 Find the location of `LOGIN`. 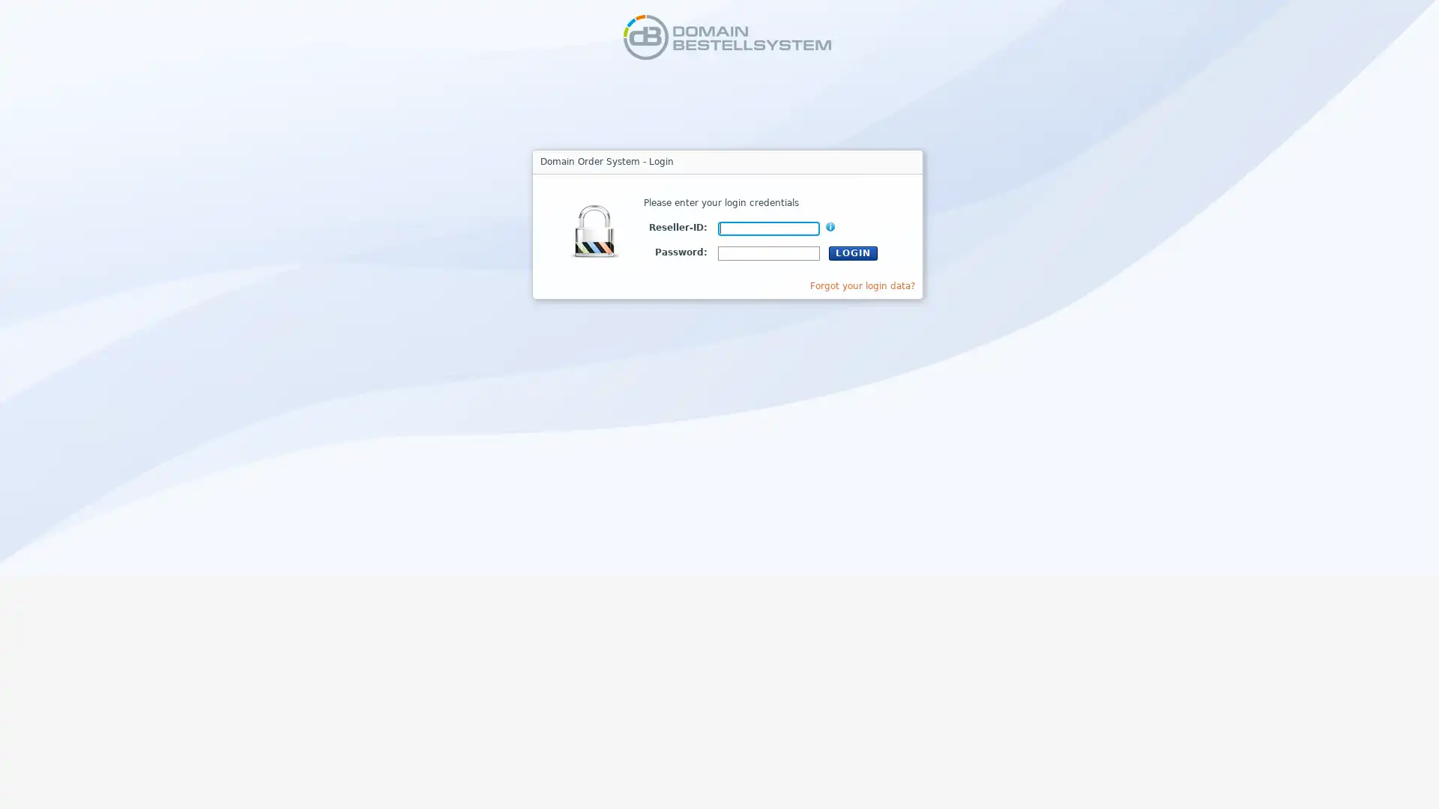

LOGIN is located at coordinates (853, 252).